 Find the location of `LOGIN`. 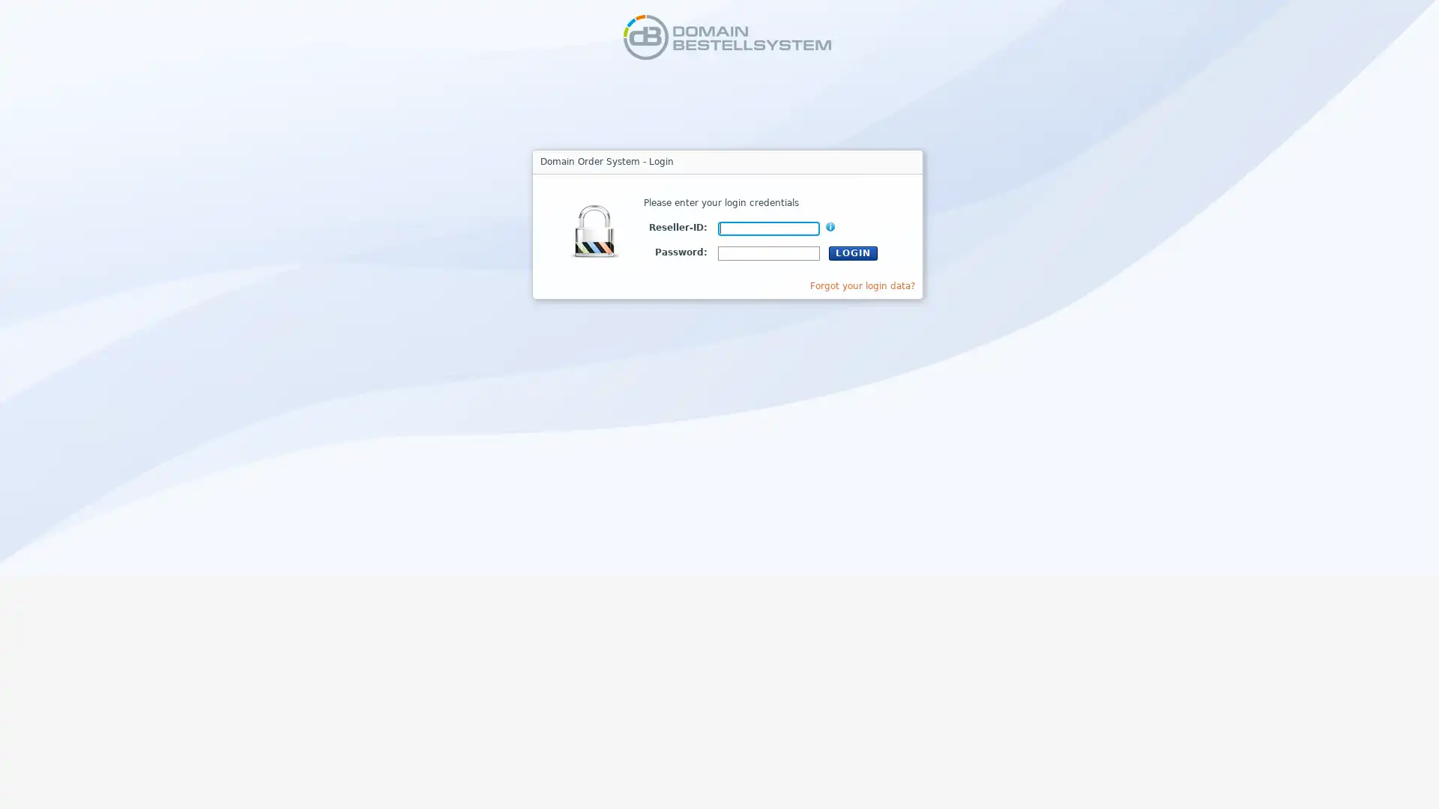

LOGIN is located at coordinates (853, 252).